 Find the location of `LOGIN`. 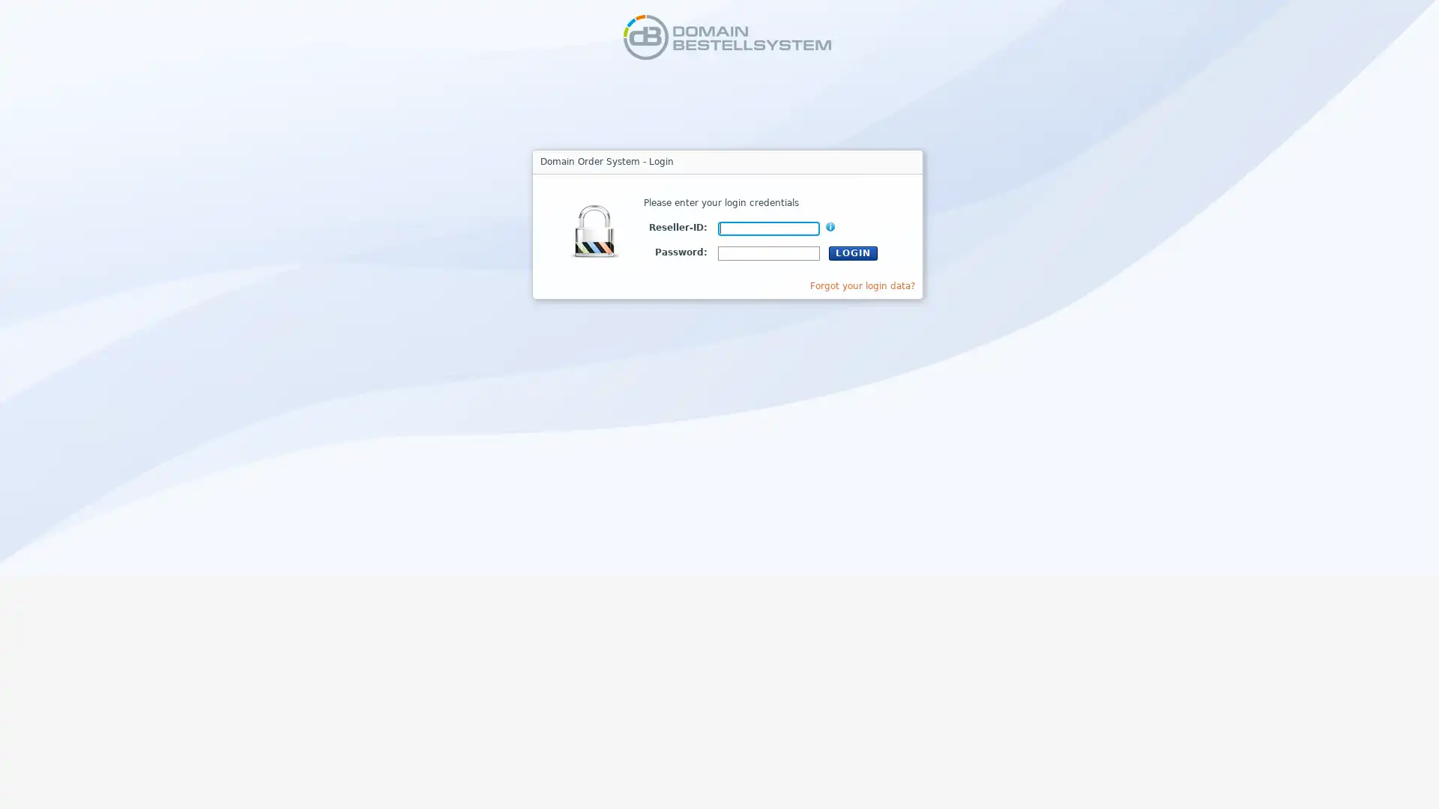

LOGIN is located at coordinates (853, 252).